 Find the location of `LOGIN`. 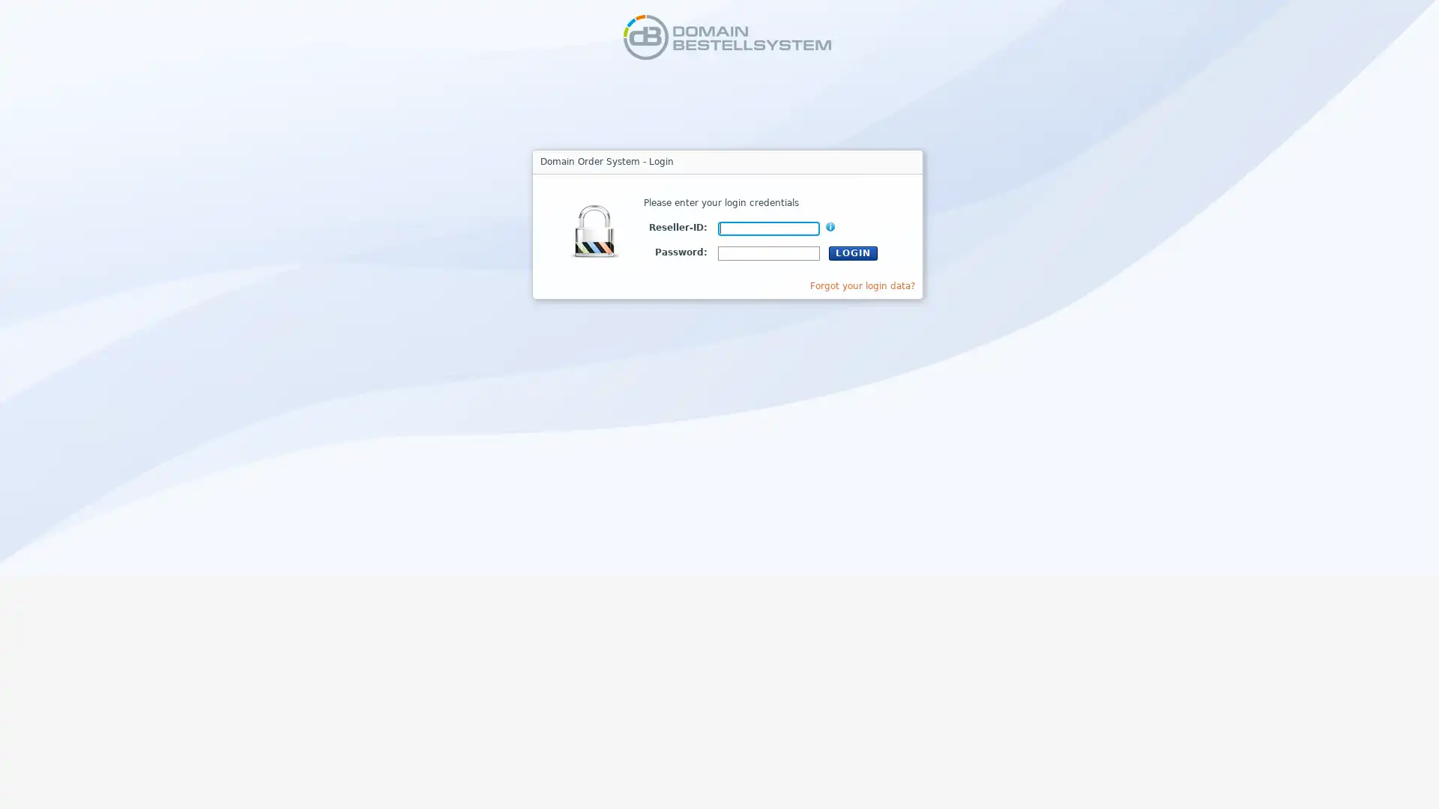

LOGIN is located at coordinates (853, 252).